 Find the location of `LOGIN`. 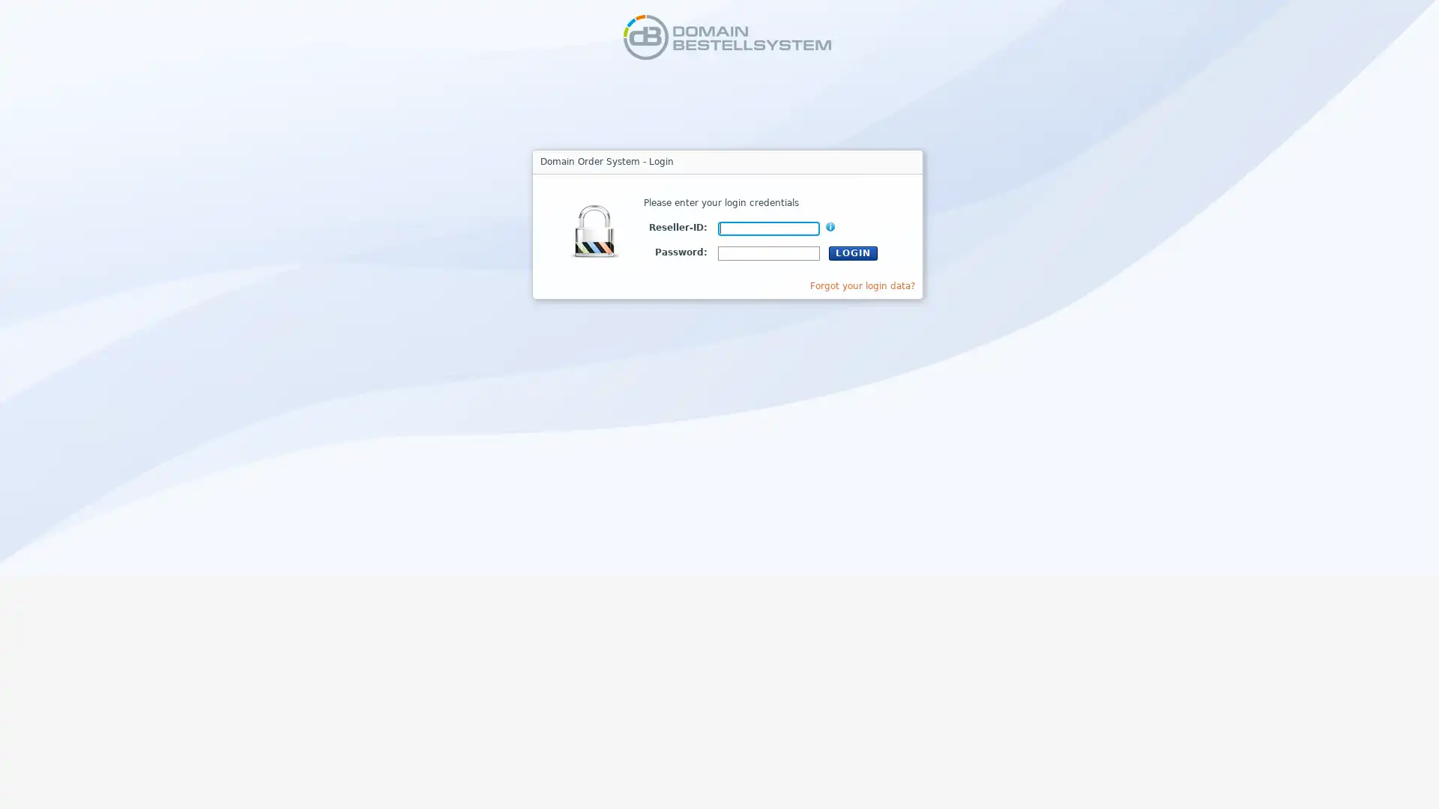

LOGIN is located at coordinates (853, 252).